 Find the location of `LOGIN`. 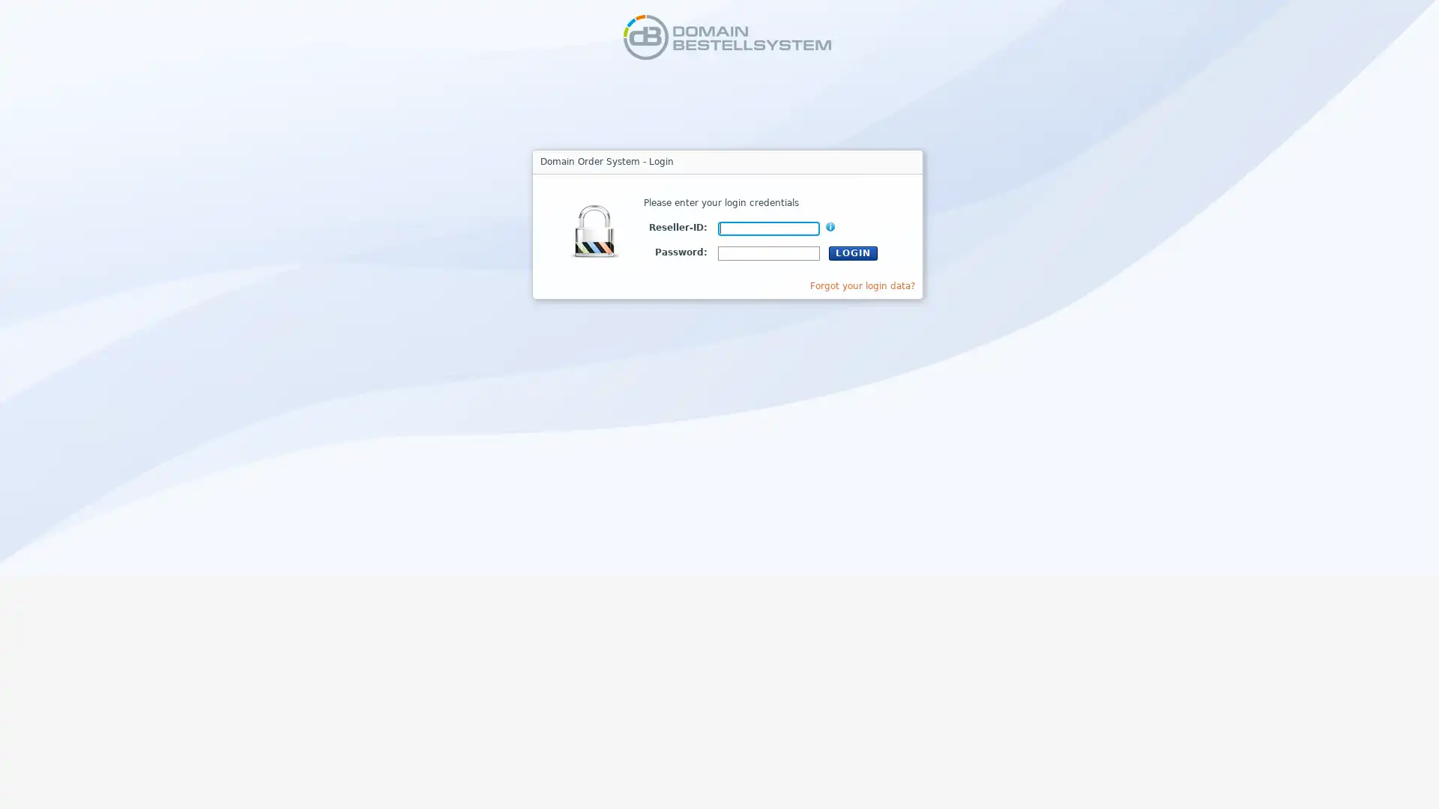

LOGIN is located at coordinates (853, 252).